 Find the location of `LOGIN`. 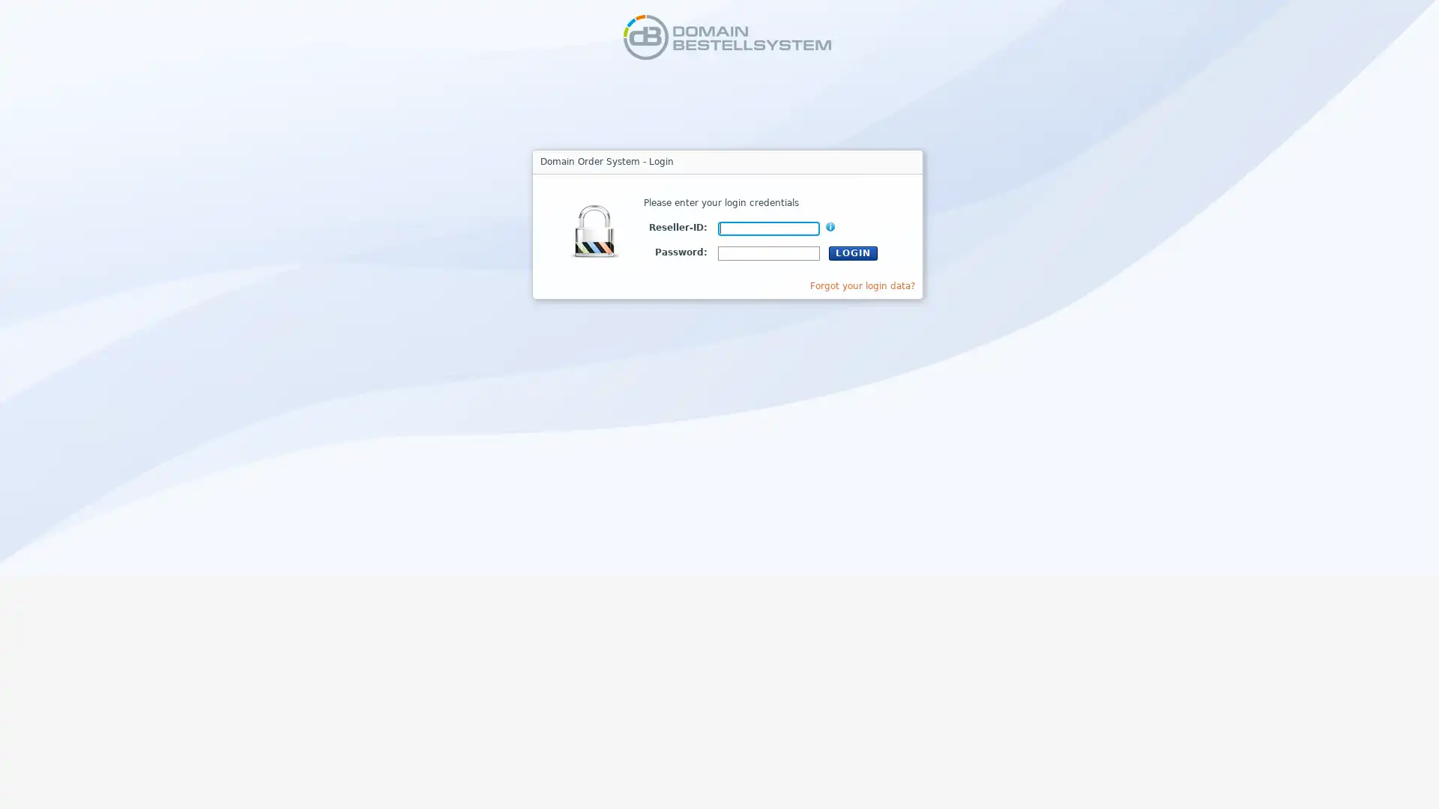

LOGIN is located at coordinates (853, 252).